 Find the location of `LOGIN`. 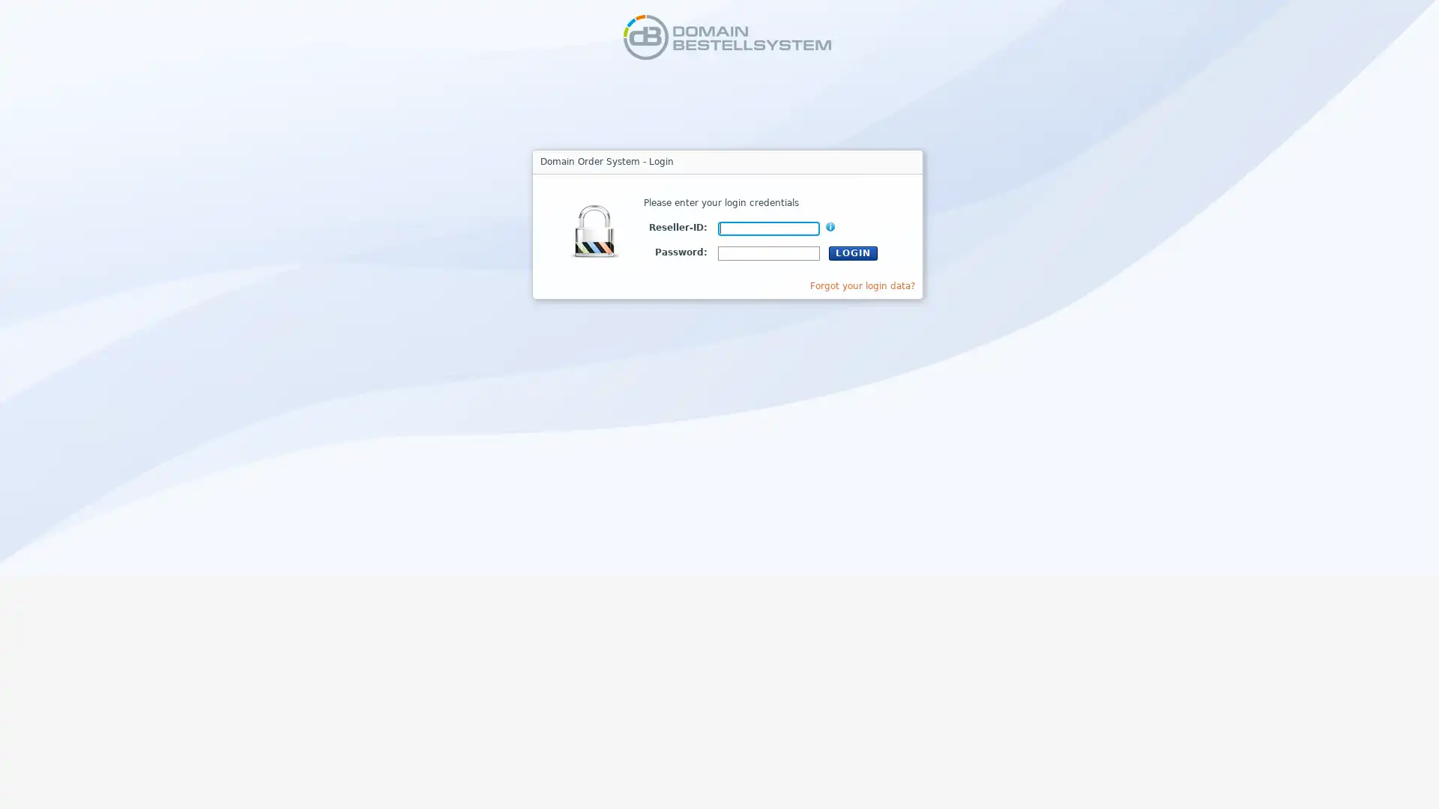

LOGIN is located at coordinates (853, 252).